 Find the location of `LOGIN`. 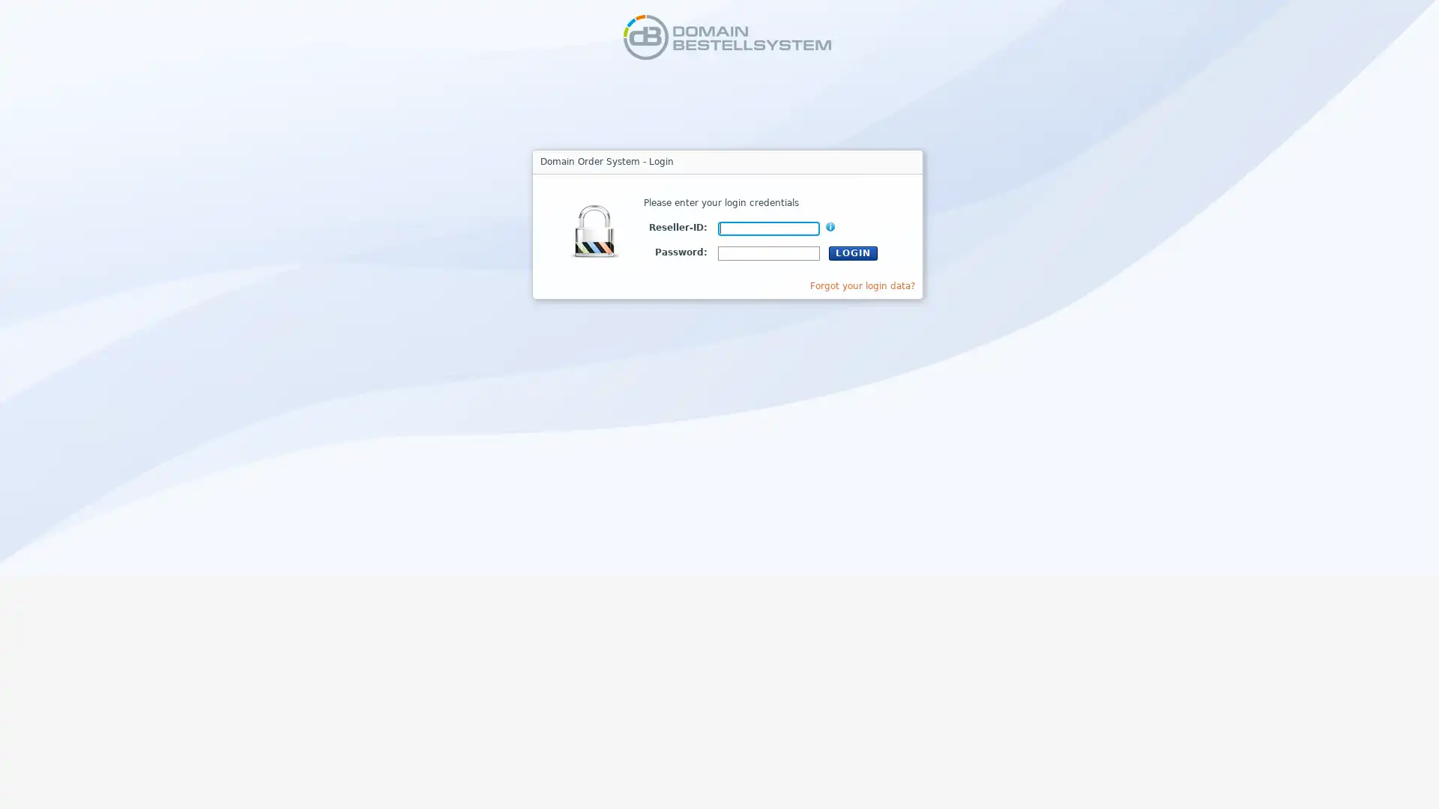

LOGIN is located at coordinates (853, 252).